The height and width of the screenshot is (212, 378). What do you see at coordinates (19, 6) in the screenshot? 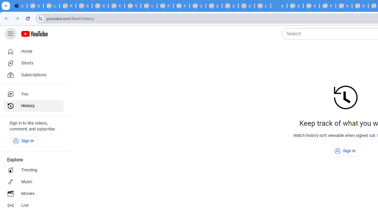
I see `'Settings - On startup'` at bounding box center [19, 6].